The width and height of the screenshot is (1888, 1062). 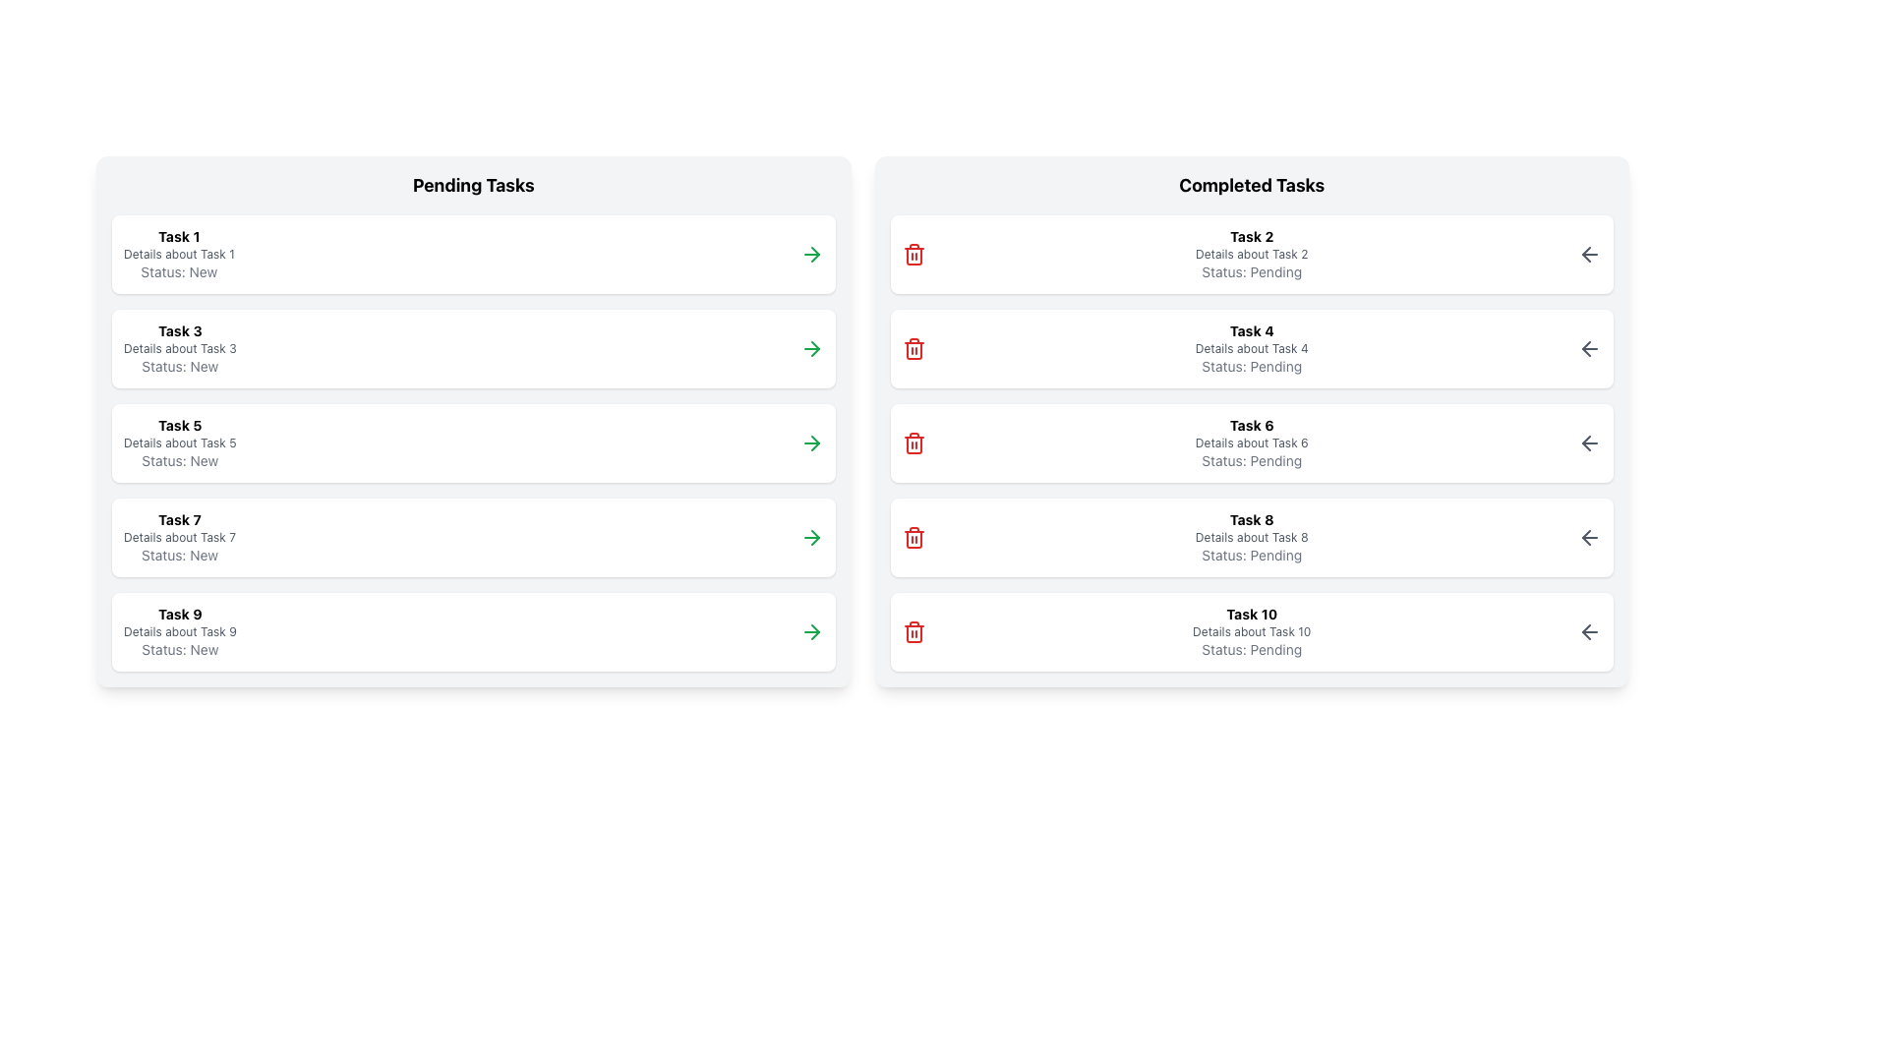 I want to click on the 'Task 7' text label, which serves as the main identifier for the task entry in the list, located at the top of the block of text within the 'Pending Tasks' column, so click(x=179, y=518).